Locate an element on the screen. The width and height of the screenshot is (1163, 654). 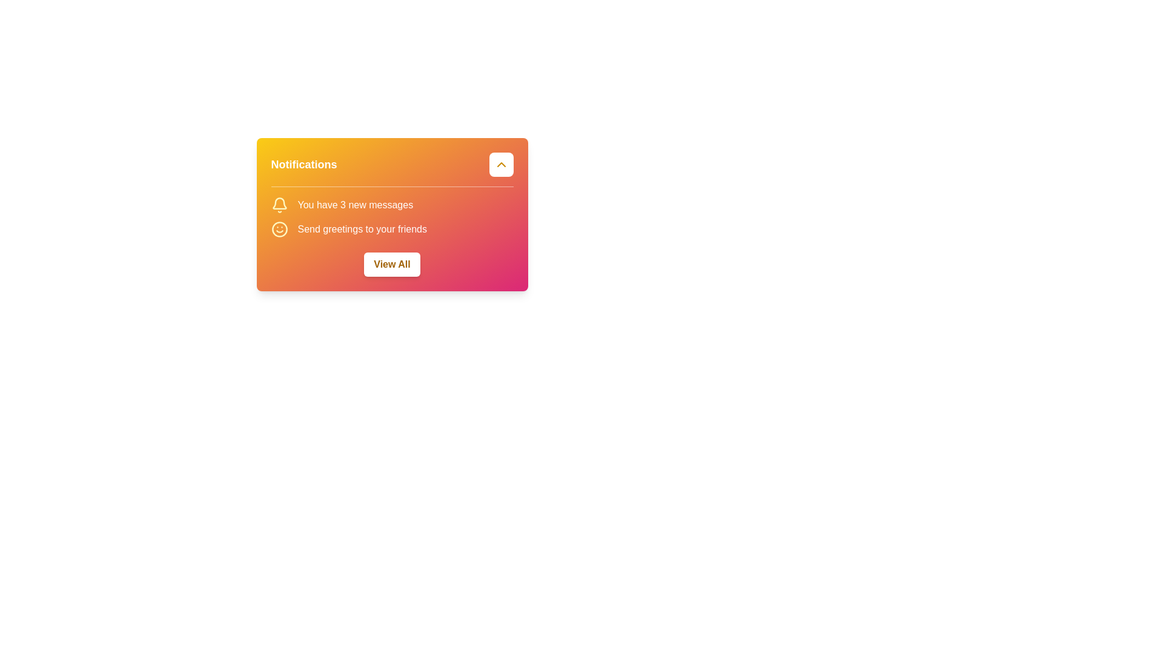
the main circular area forming the face within the smiling icon, which is styled with a yellow hue and is part of a larger SVG component is located at coordinates (279, 229).